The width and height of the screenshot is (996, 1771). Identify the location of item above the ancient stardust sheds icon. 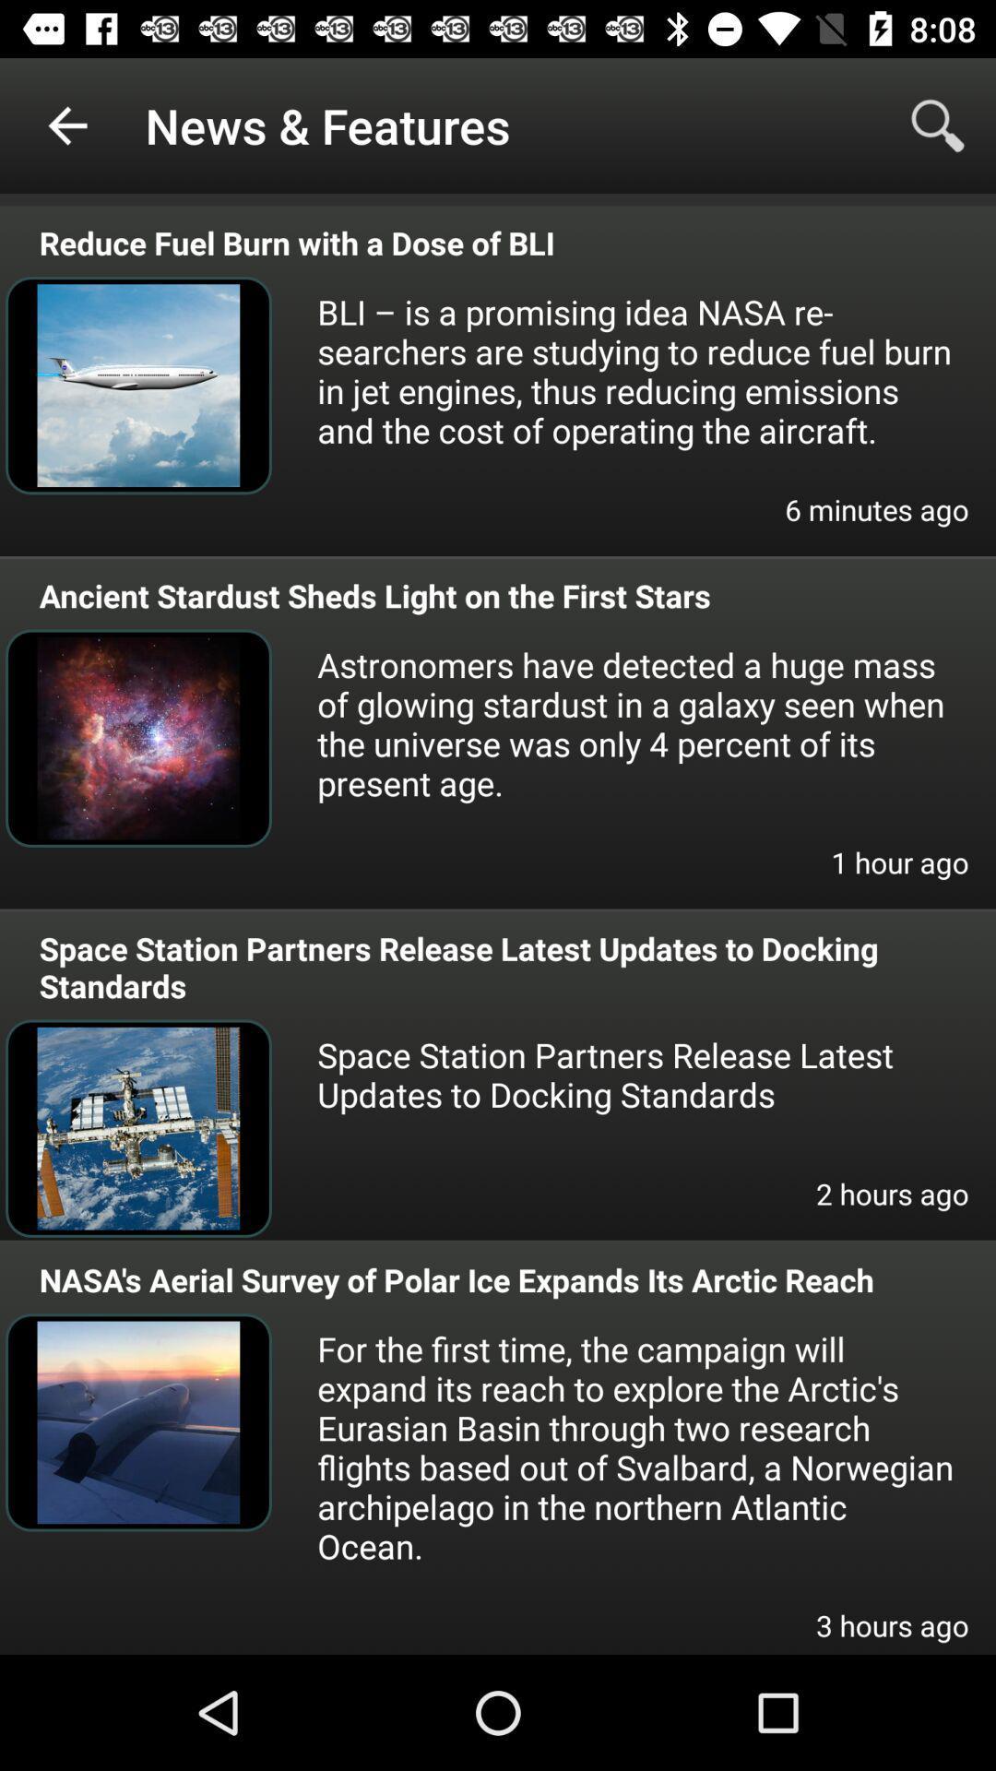
(876, 520).